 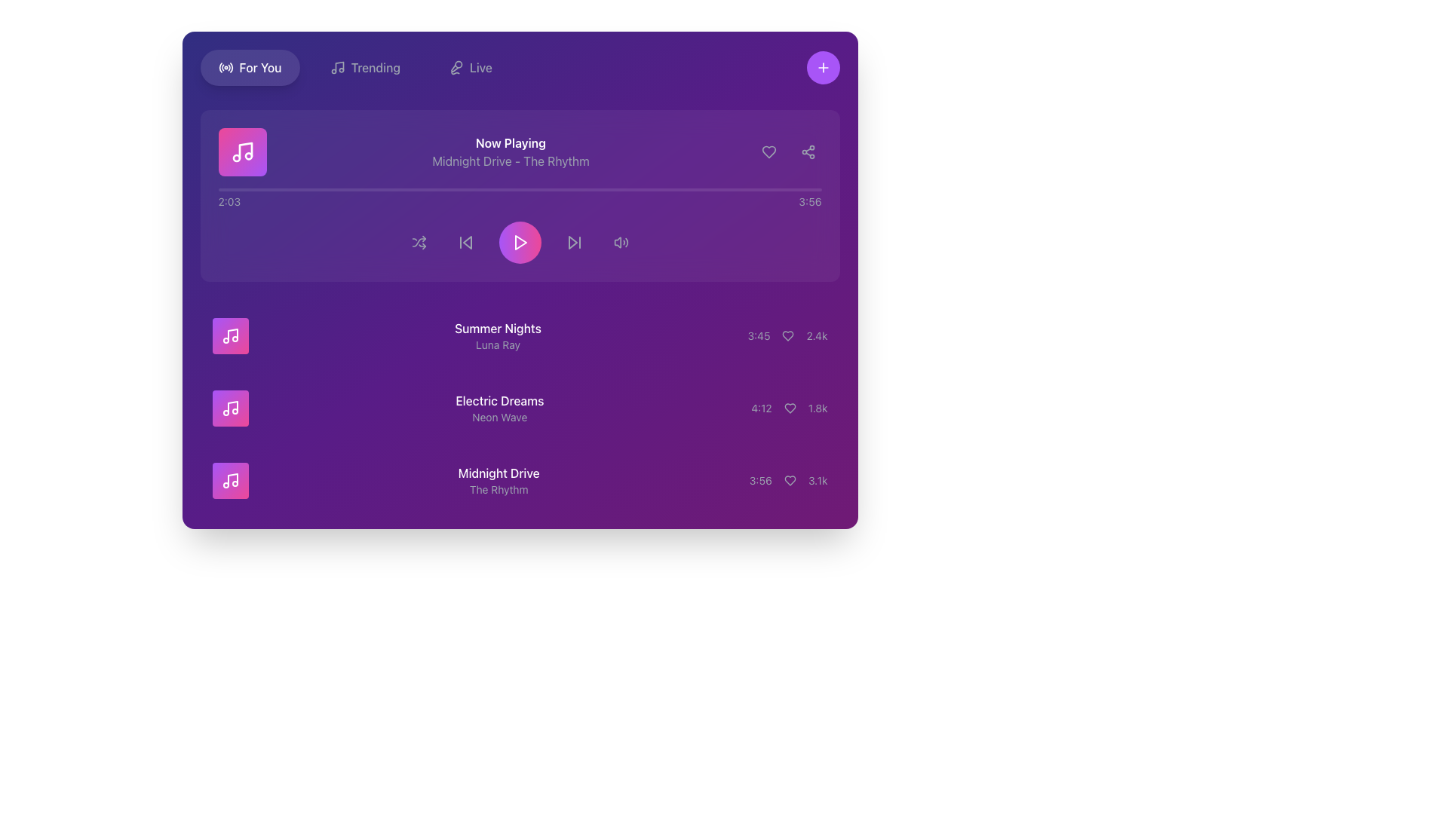 What do you see at coordinates (455, 66) in the screenshot?
I see `the microphone icon, which is the leftmost icon` at bounding box center [455, 66].